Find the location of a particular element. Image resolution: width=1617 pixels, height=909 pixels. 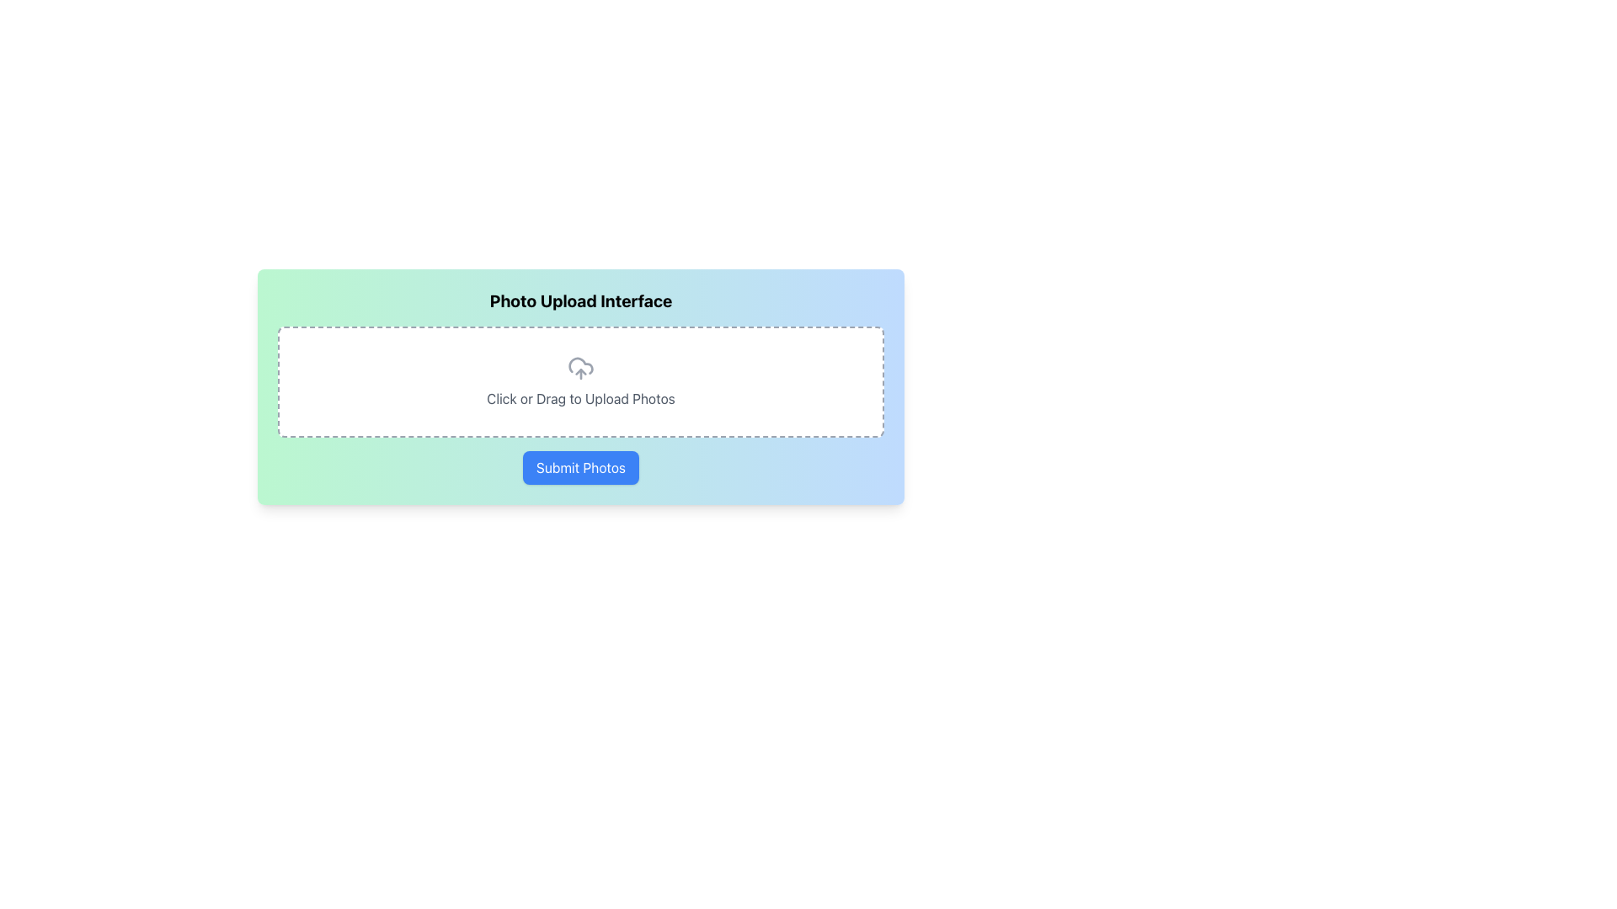

the text label that serves as the title for the photo upload interface, positioned at the top middle of the upload section is located at coordinates (581, 300).